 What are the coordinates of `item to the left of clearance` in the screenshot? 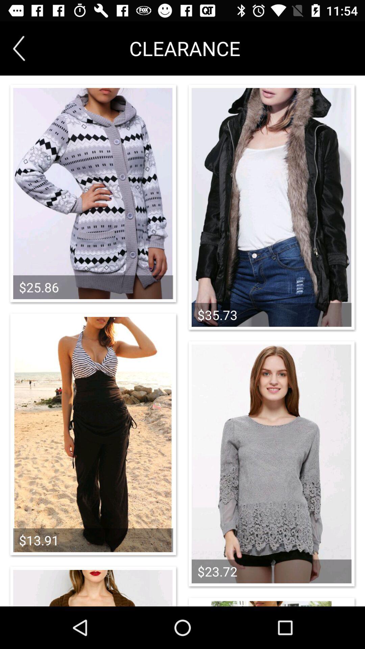 It's located at (19, 48).